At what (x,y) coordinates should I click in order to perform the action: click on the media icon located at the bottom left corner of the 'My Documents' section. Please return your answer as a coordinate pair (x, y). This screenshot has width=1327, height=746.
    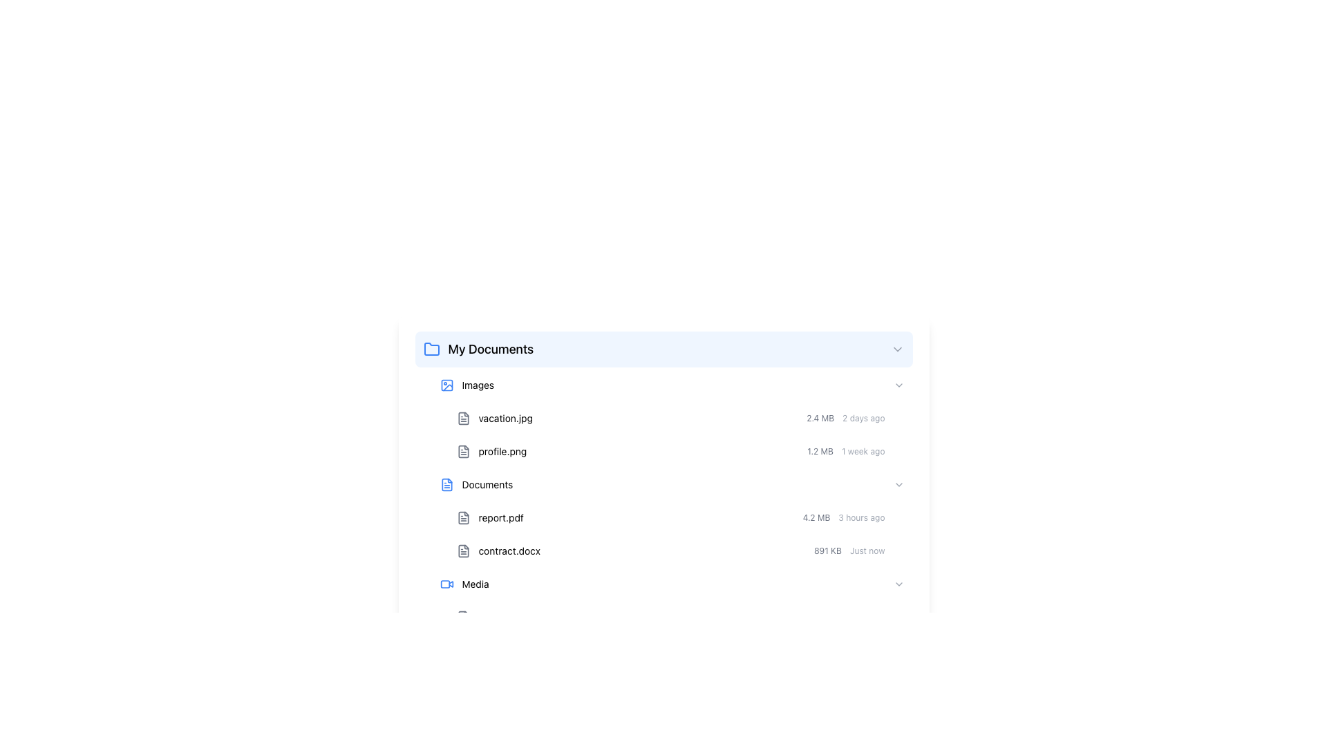
    Looking at the image, I should click on (446, 584).